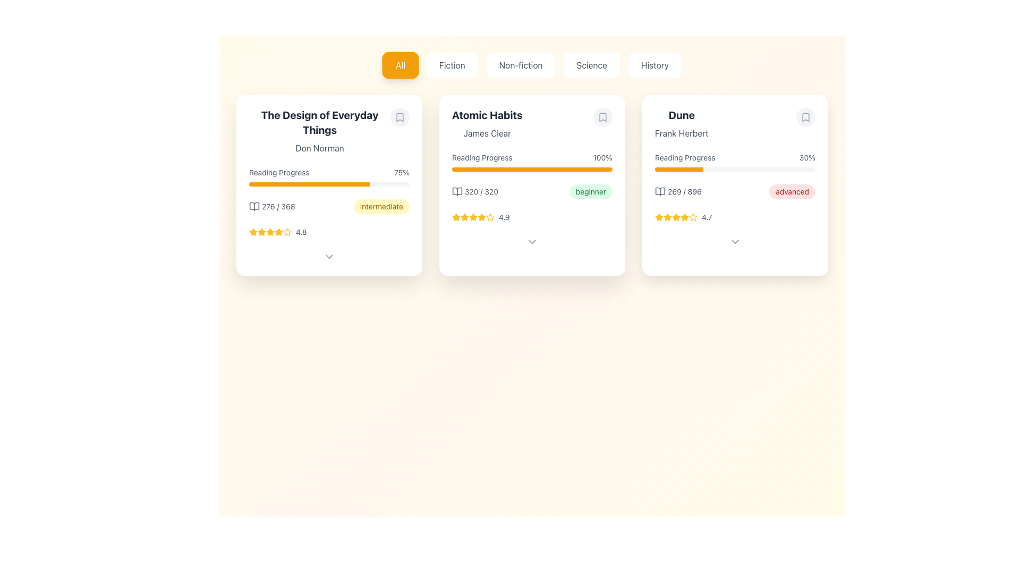  I want to click on the 'advanced' difficulty label located in the bottom right corner of the 'Dune' book card, near the progress statistics '269 / 896', so click(792, 192).